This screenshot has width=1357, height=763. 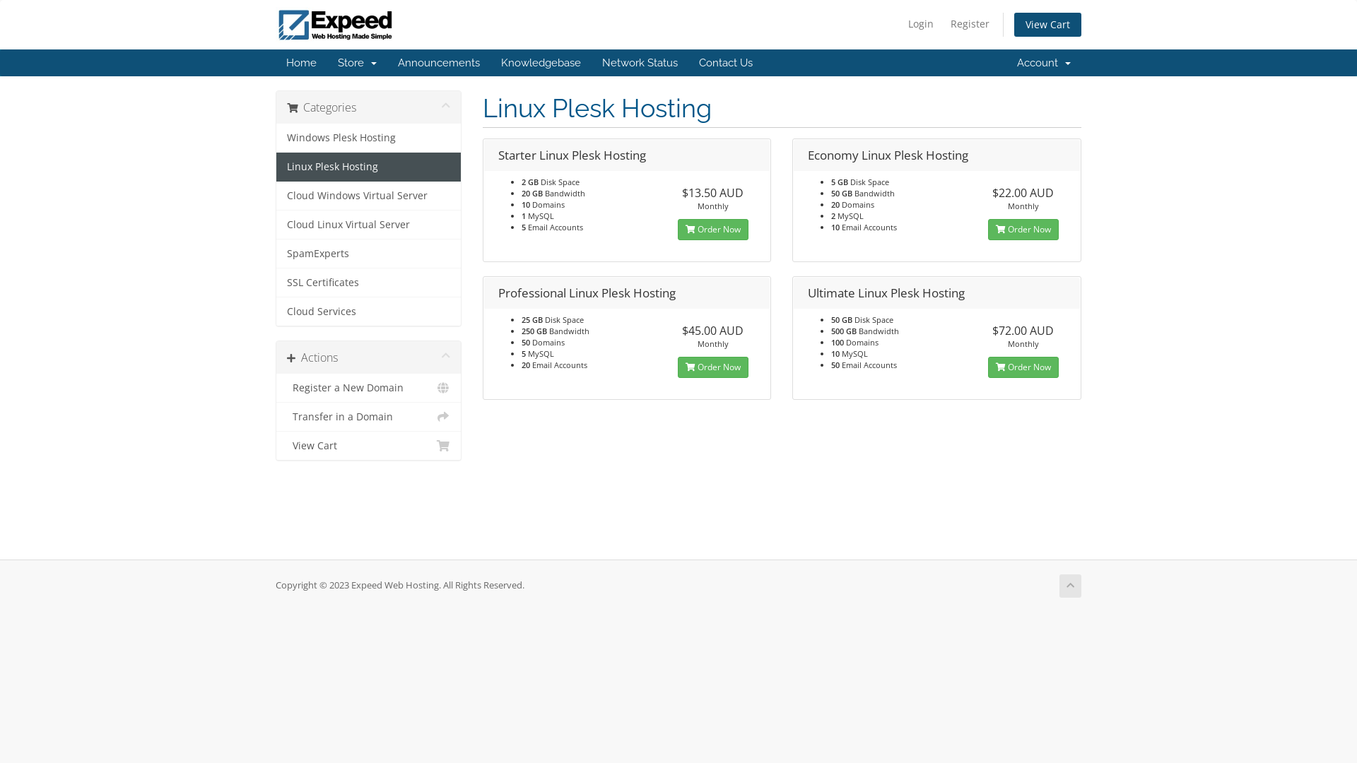 I want to click on 'Knowledgebase', so click(x=540, y=61).